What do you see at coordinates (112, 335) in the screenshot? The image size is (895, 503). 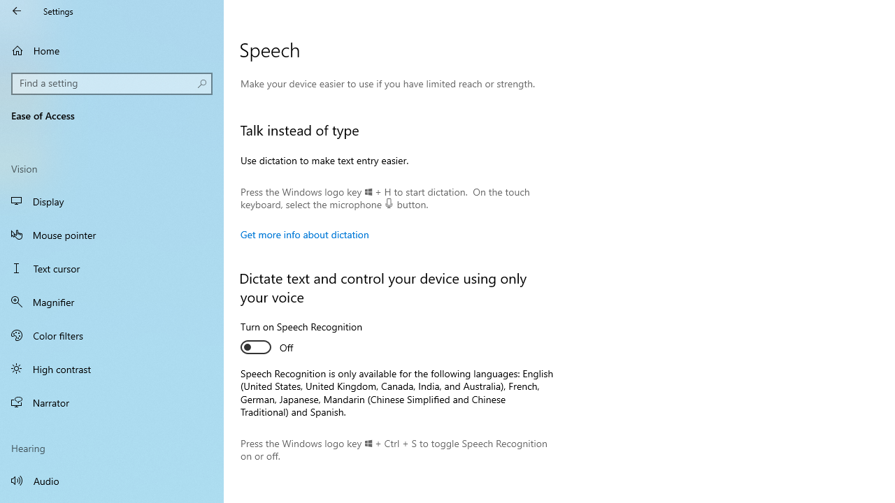 I see `'Color filters'` at bounding box center [112, 335].